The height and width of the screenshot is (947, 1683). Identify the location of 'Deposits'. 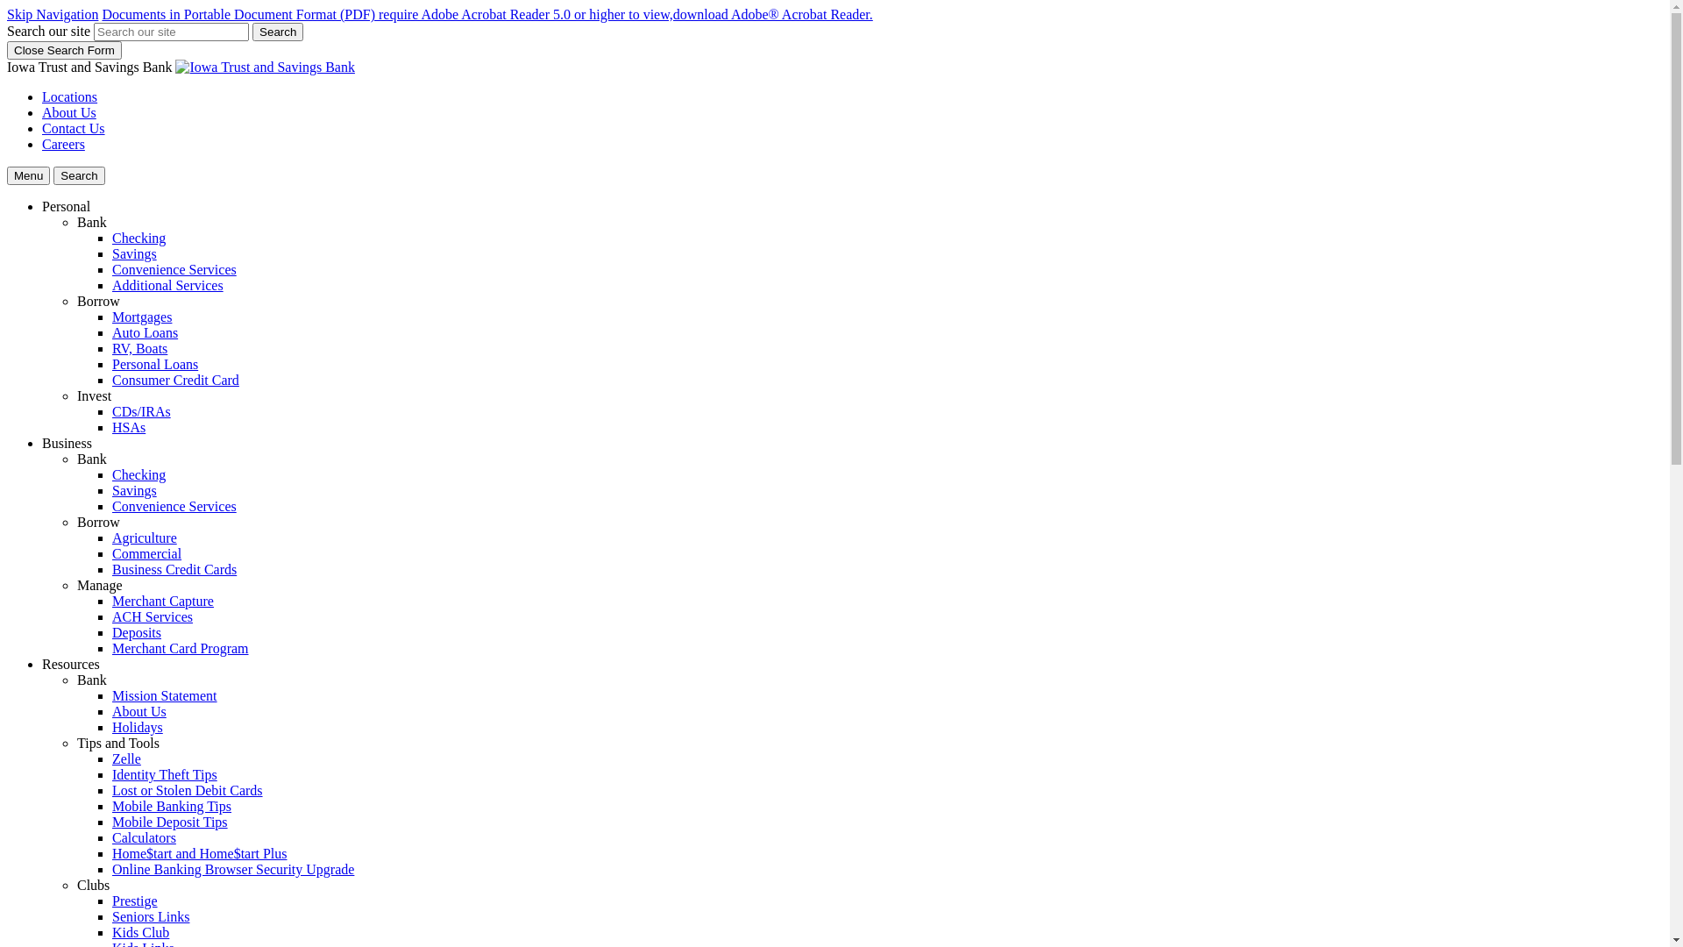
(136, 632).